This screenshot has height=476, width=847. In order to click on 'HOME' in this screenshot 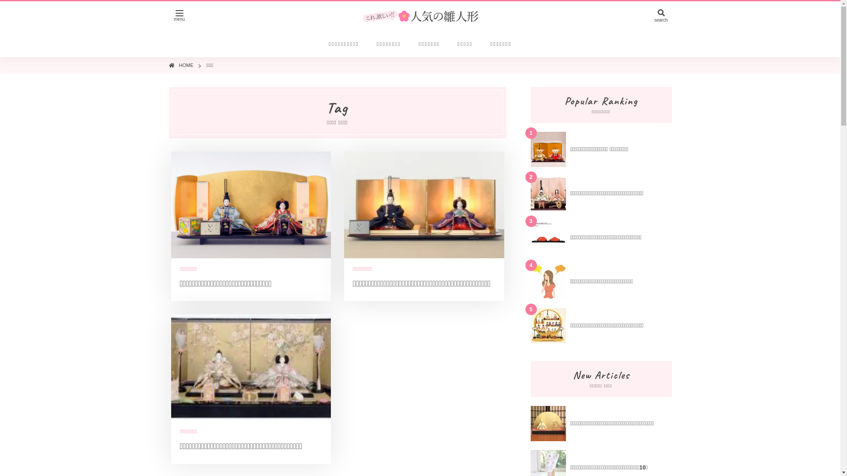, I will do `click(186, 64)`.